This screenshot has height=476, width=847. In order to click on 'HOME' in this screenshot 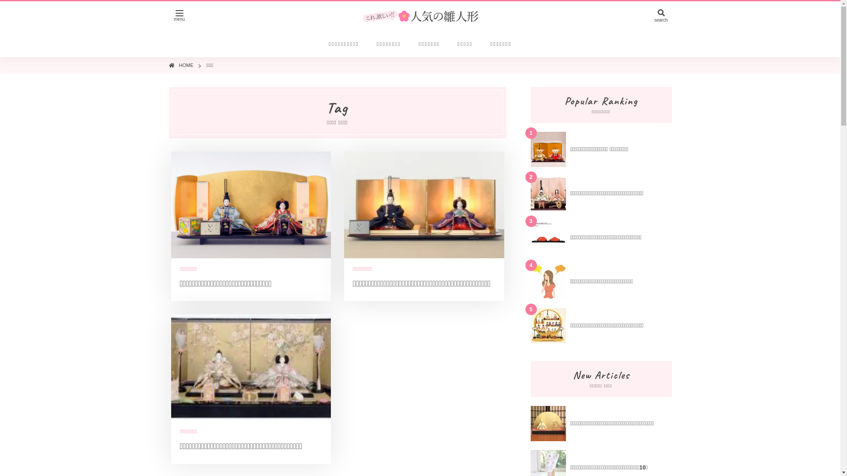, I will do `click(186, 64)`.